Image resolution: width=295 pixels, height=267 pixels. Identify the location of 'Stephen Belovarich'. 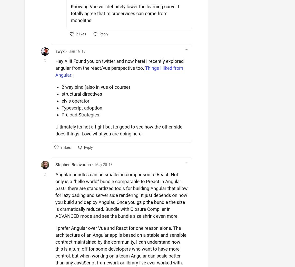
(73, 164).